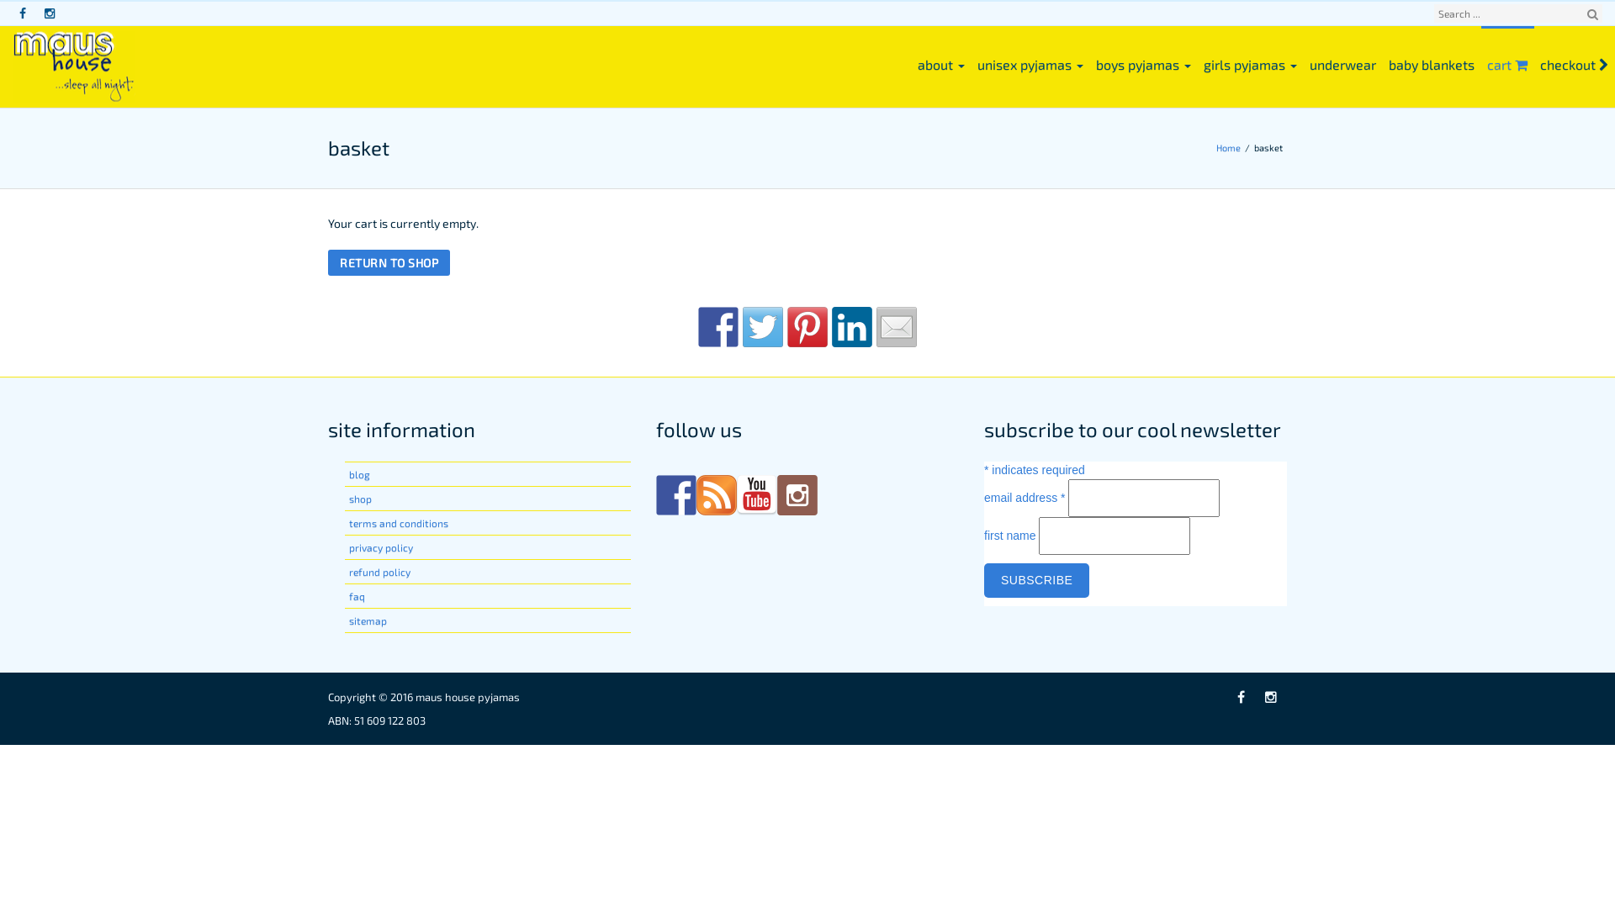 This screenshot has width=1615, height=908. I want to click on 'boys pyjamas', so click(1090, 63).